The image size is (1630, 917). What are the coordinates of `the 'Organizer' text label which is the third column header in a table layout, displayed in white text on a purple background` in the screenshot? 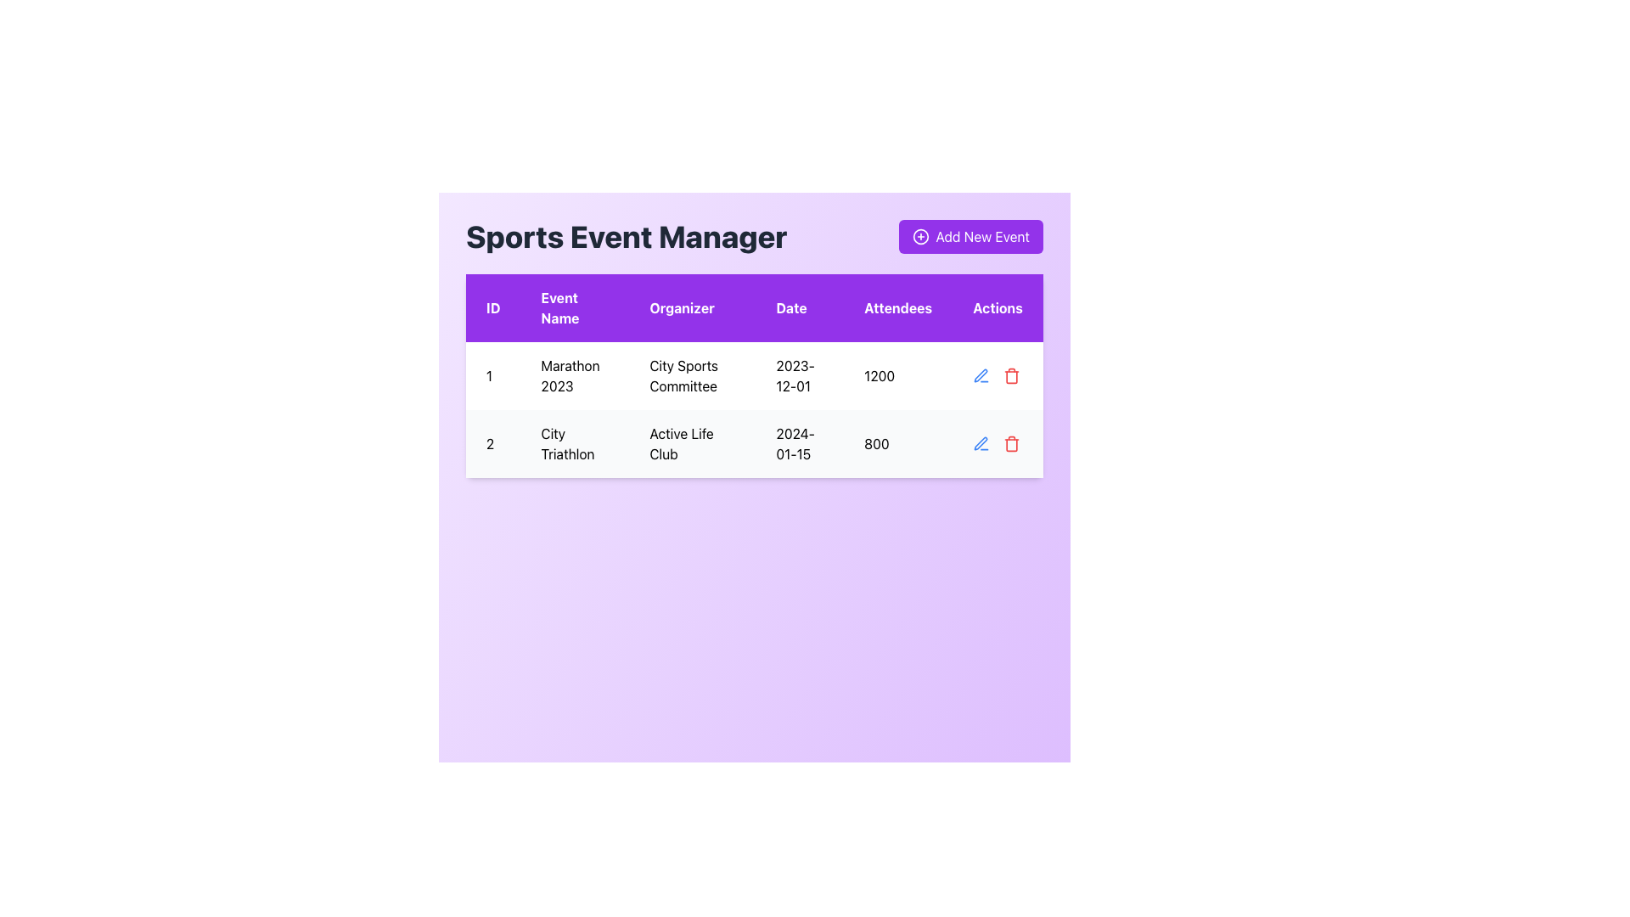 It's located at (693, 307).